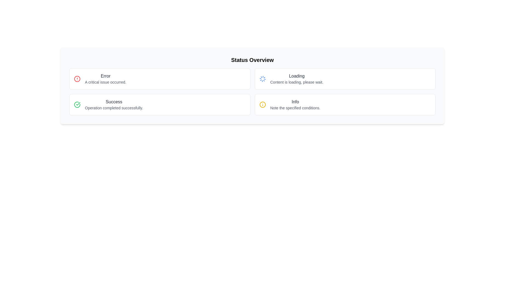 The width and height of the screenshot is (526, 296). What do you see at coordinates (78, 104) in the screenshot?
I see `the success status icon, which confirms the successful completion of an operation, positioned centrally below the error indicator and above the descriptive text 'Operation completed successfully.'` at bounding box center [78, 104].